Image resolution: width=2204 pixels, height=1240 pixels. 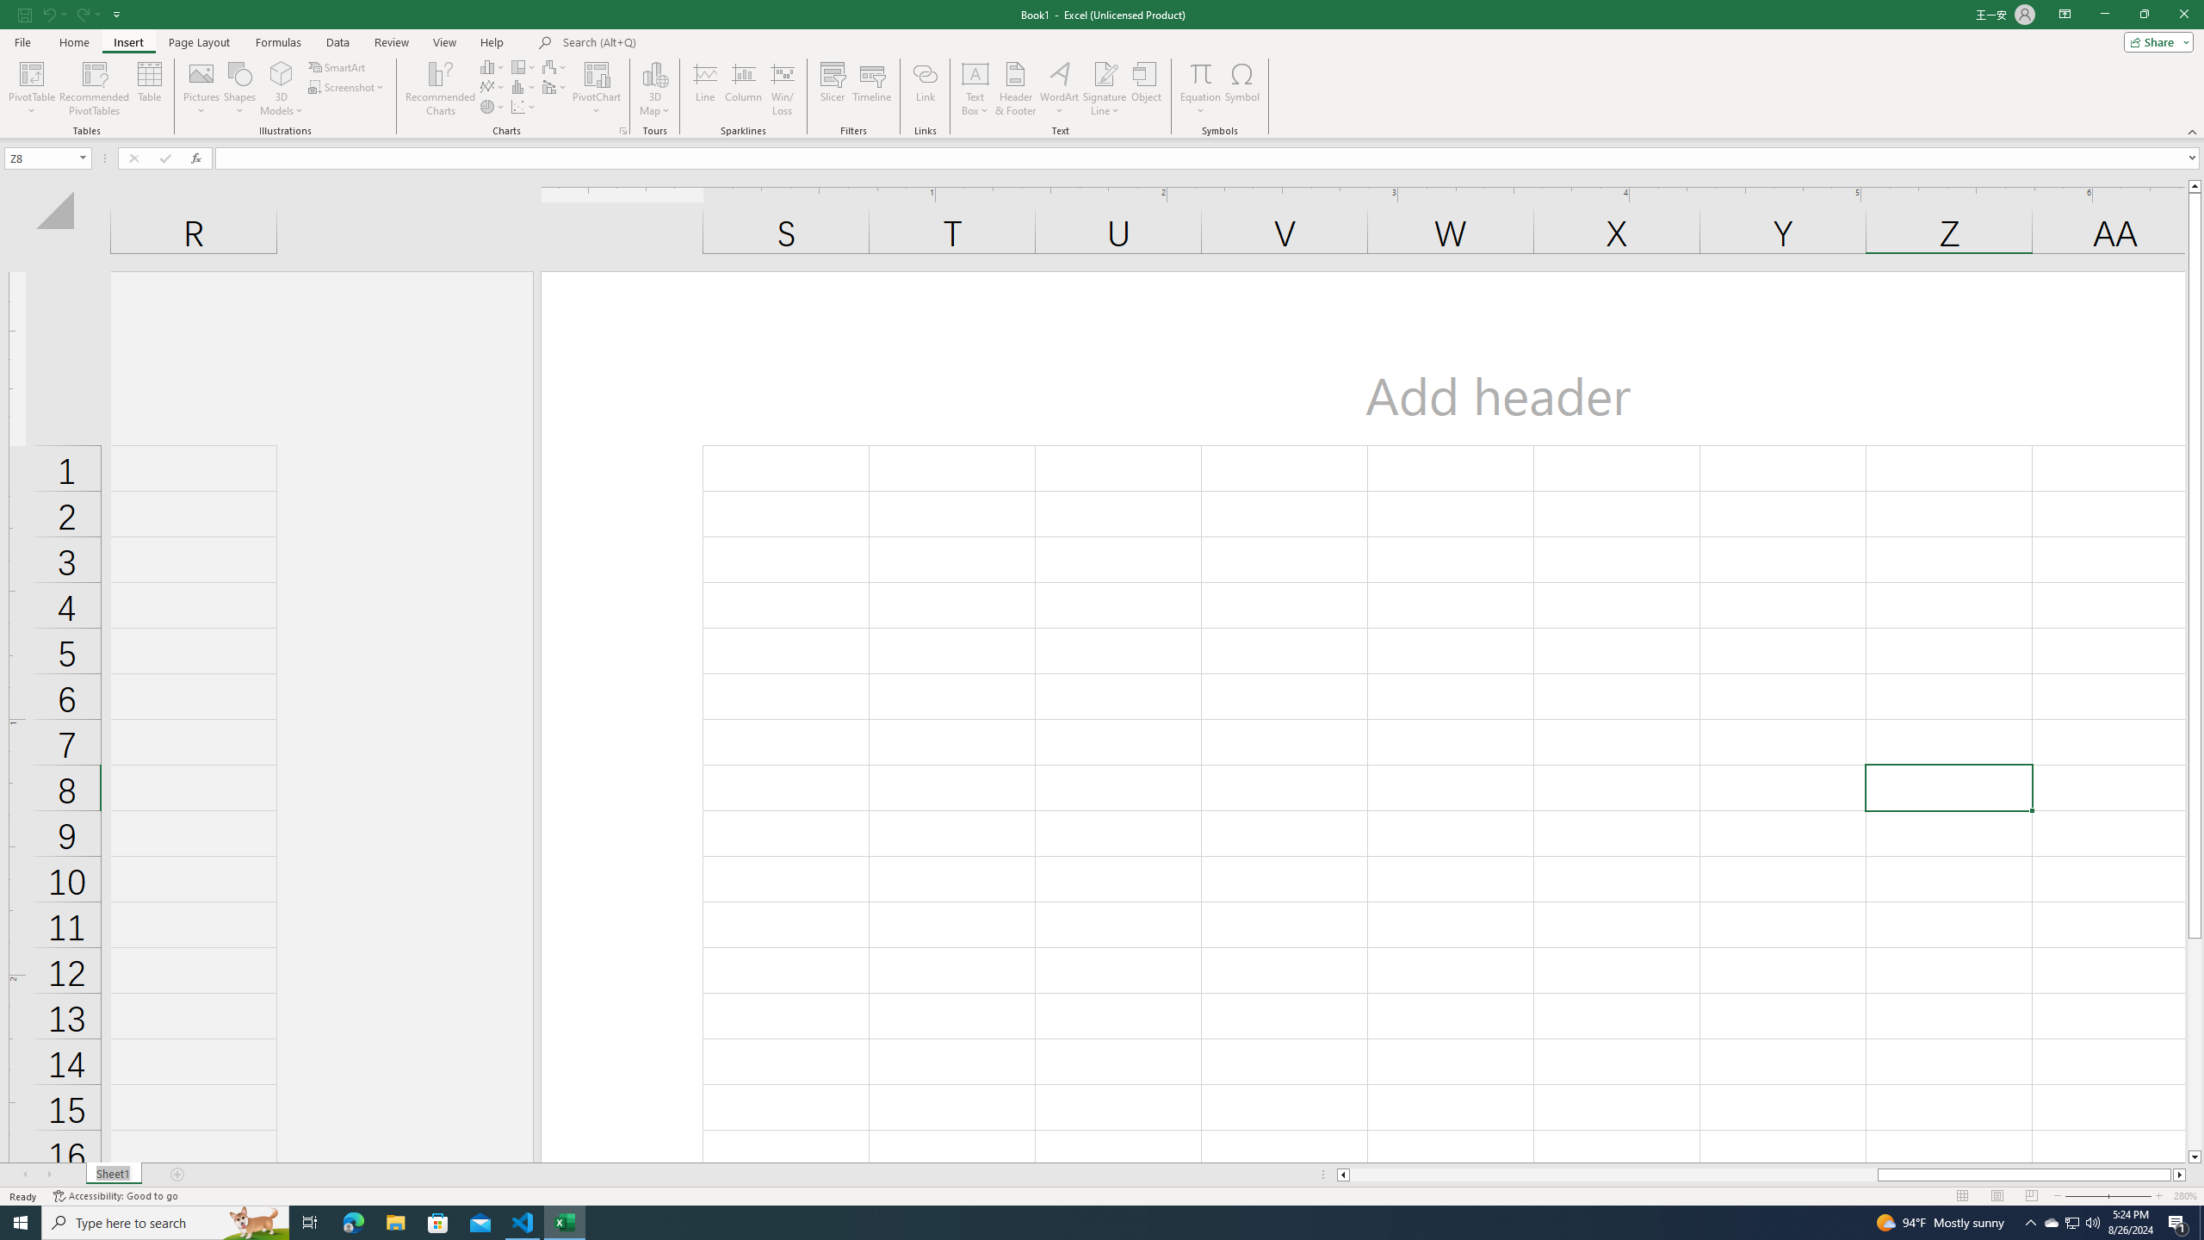 What do you see at coordinates (653, 72) in the screenshot?
I see `'3D Map'` at bounding box center [653, 72].